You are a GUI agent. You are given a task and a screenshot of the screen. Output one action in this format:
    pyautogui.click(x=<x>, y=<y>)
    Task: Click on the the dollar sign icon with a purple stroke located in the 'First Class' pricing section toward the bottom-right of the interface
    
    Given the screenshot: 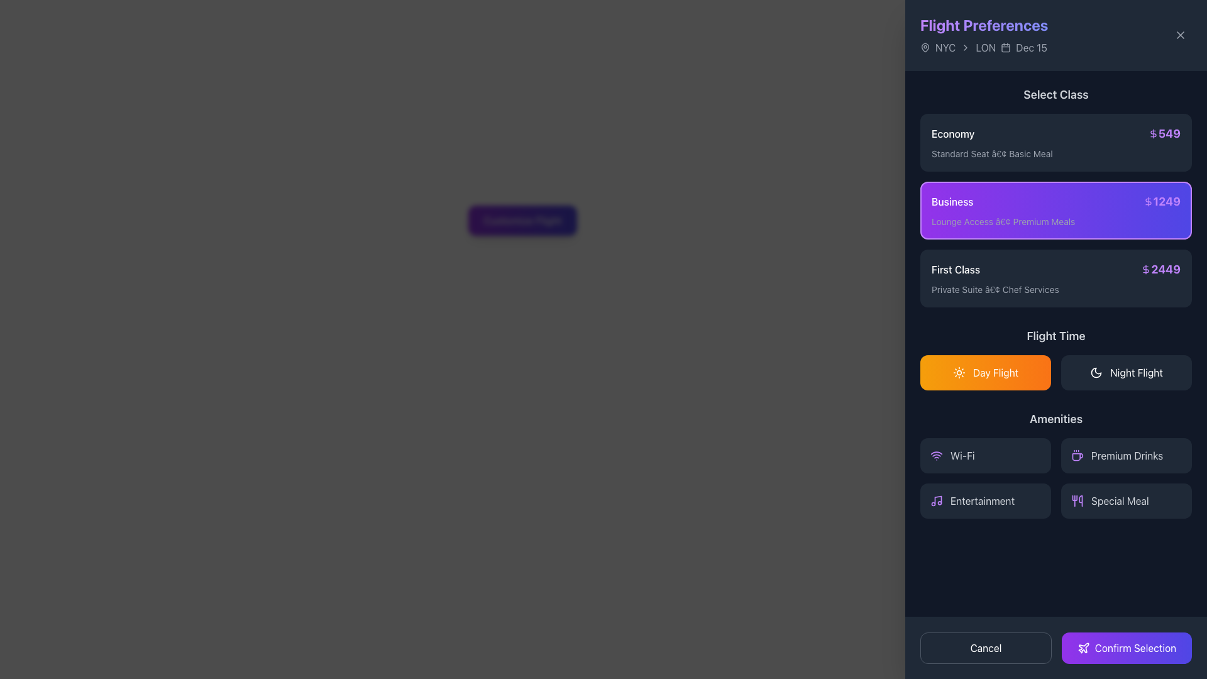 What is the action you would take?
    pyautogui.click(x=1146, y=268)
    